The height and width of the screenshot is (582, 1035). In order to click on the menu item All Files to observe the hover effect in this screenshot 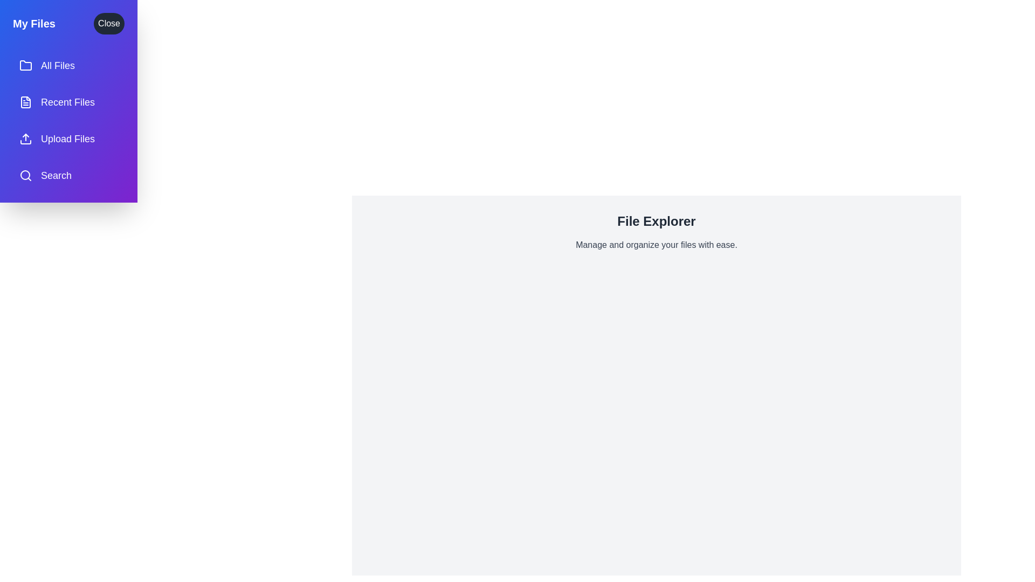, I will do `click(68, 66)`.